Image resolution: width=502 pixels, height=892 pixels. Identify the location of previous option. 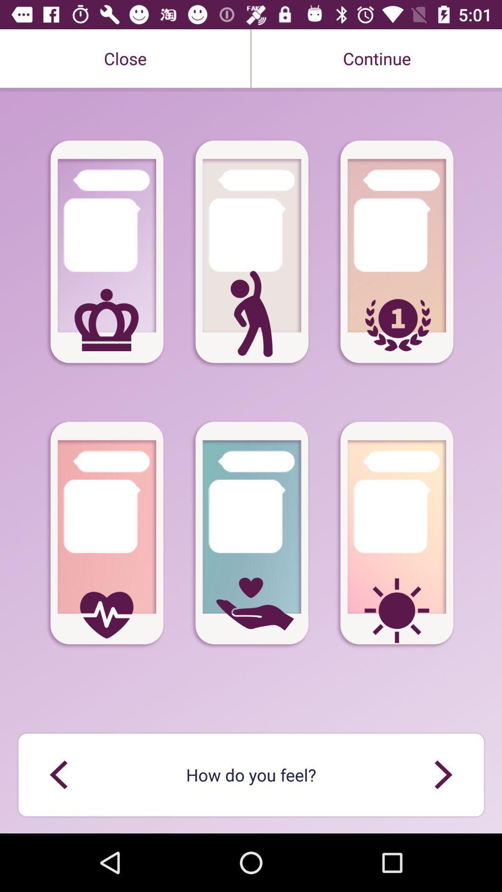
(443, 774).